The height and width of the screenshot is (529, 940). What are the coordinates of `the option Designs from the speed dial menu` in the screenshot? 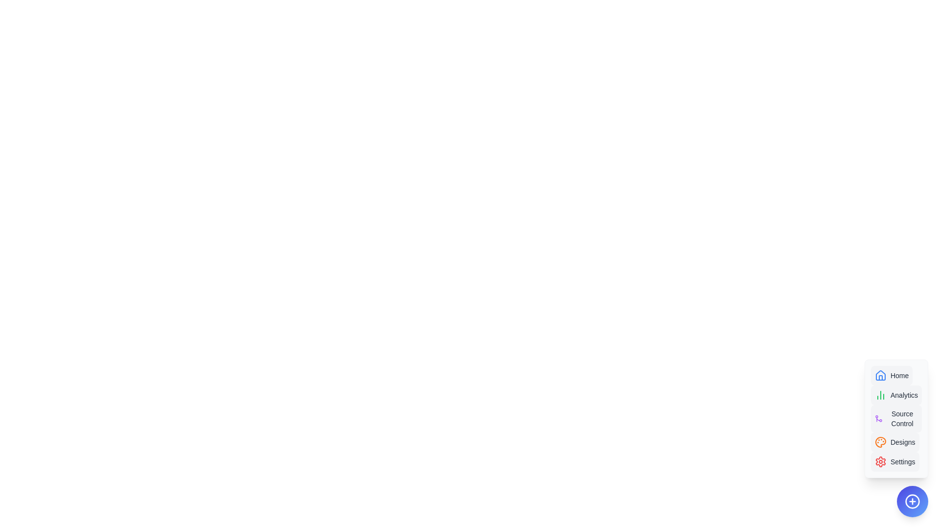 It's located at (895, 442).